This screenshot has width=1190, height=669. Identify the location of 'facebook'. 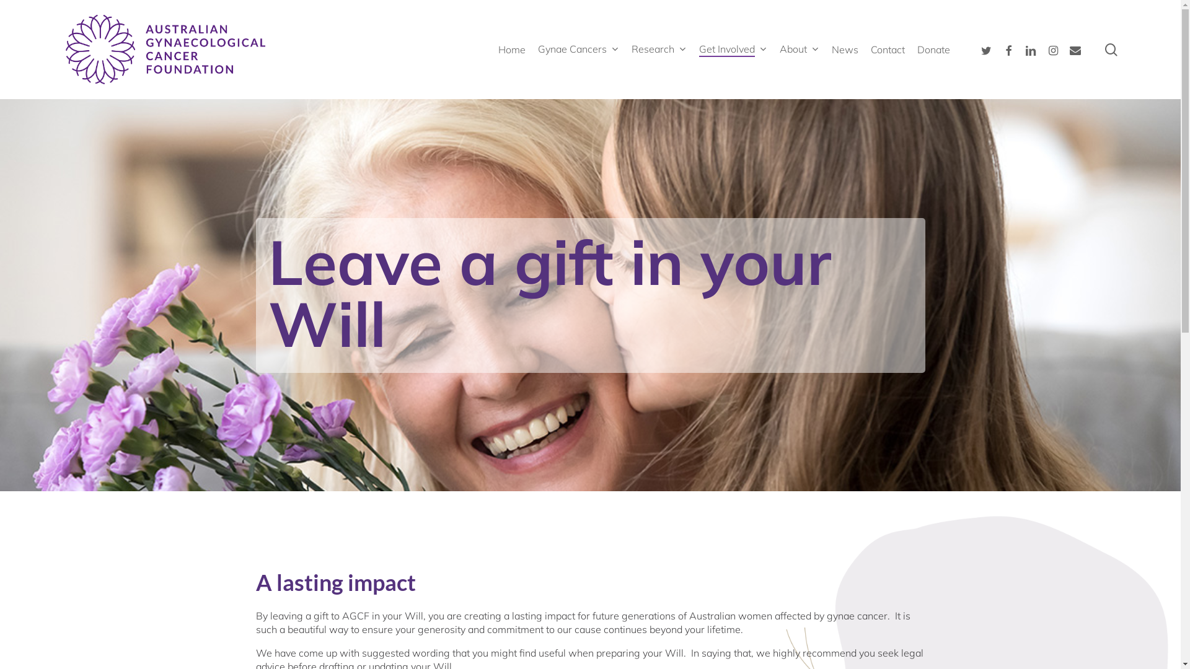
(997, 49).